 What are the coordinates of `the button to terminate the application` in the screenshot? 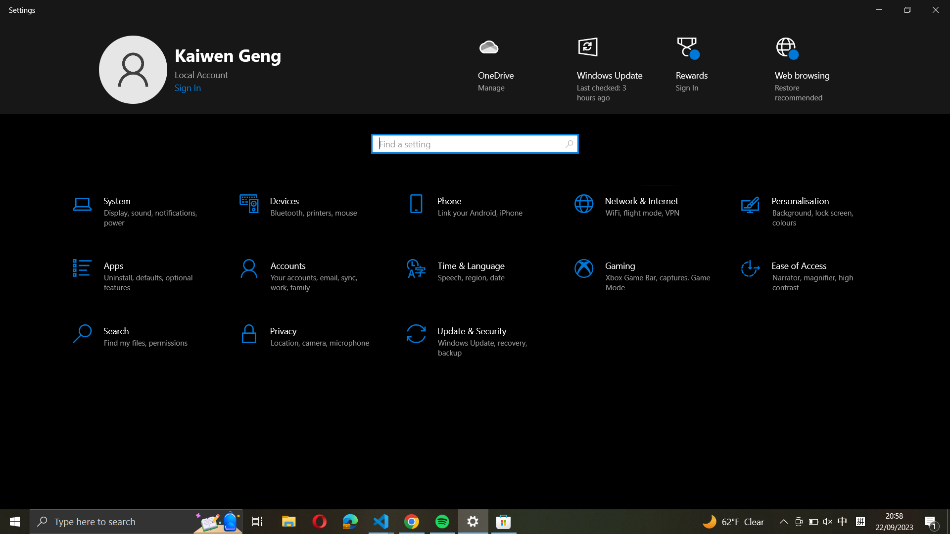 It's located at (937, 10).